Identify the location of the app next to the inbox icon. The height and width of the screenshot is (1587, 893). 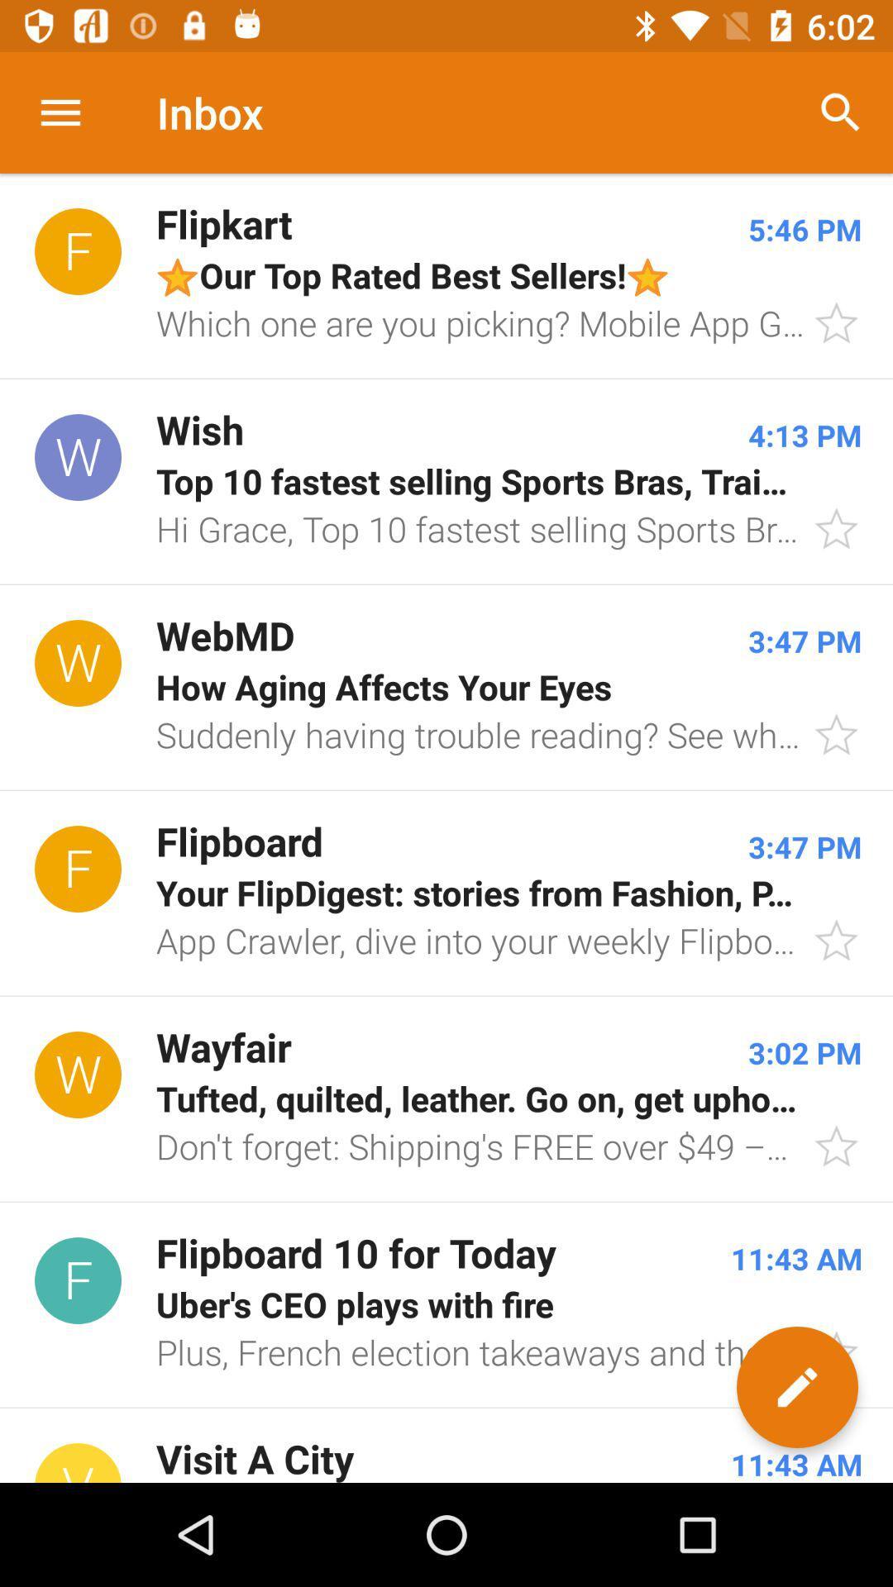
(841, 112).